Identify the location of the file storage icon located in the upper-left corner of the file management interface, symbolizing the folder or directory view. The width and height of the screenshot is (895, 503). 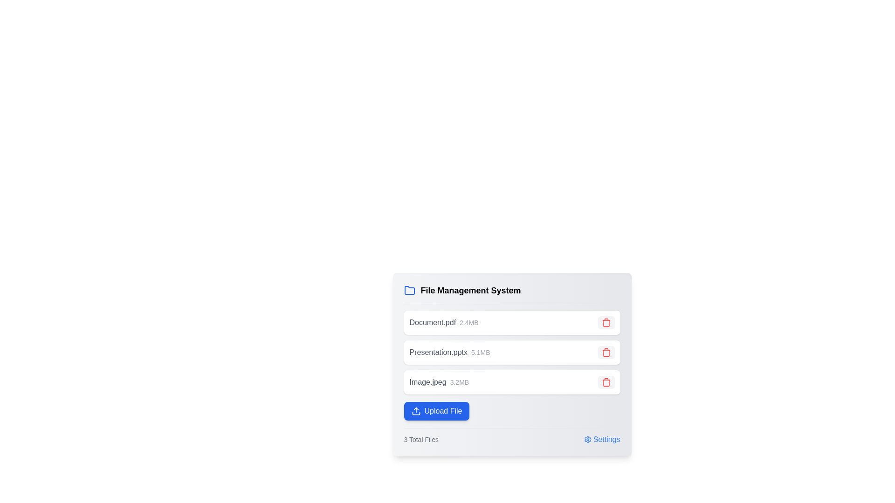
(409, 290).